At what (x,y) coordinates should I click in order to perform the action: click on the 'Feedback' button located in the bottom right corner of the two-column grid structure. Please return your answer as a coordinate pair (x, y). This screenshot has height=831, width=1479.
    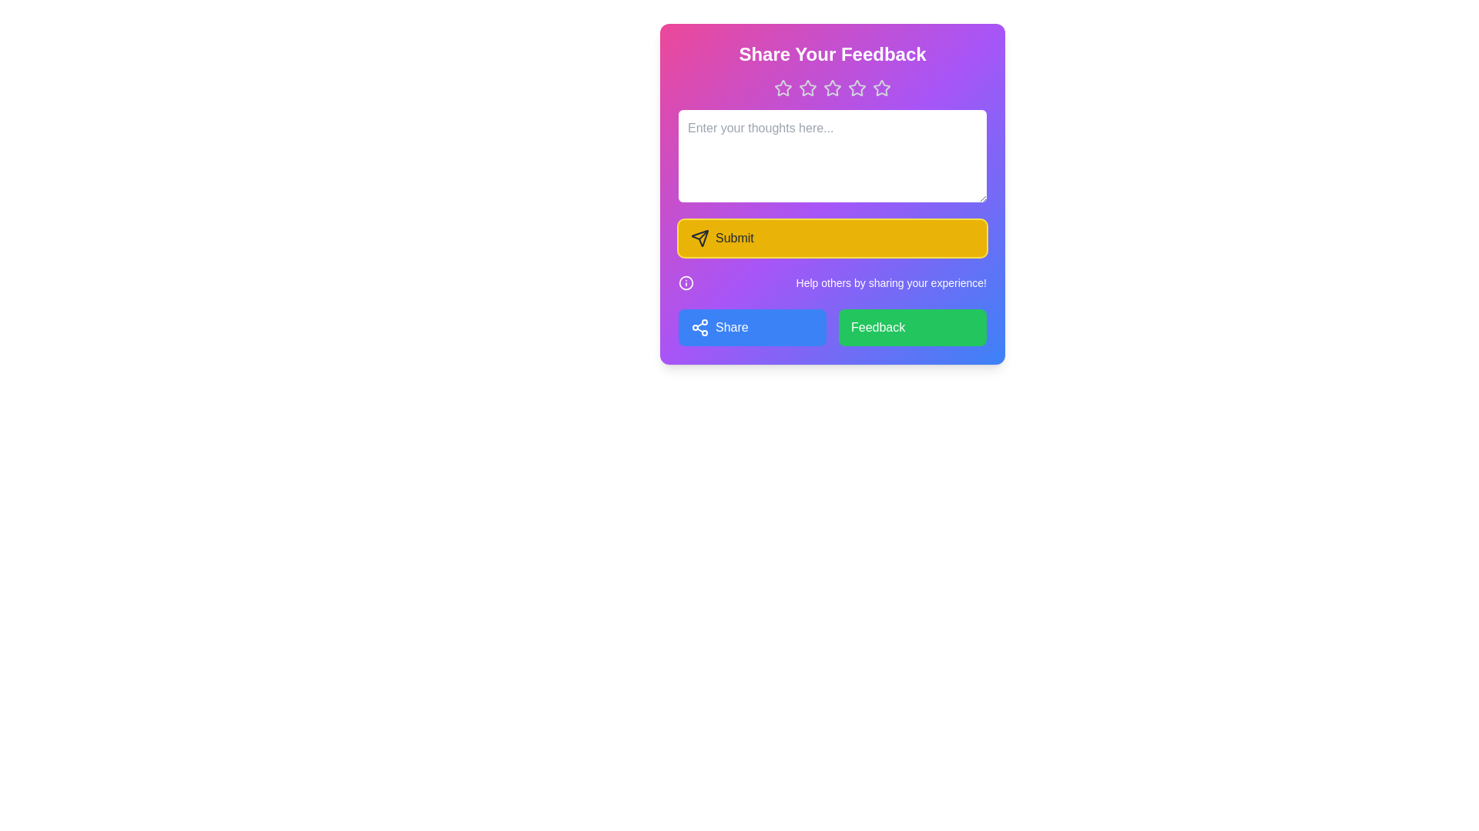
    Looking at the image, I should click on (913, 326).